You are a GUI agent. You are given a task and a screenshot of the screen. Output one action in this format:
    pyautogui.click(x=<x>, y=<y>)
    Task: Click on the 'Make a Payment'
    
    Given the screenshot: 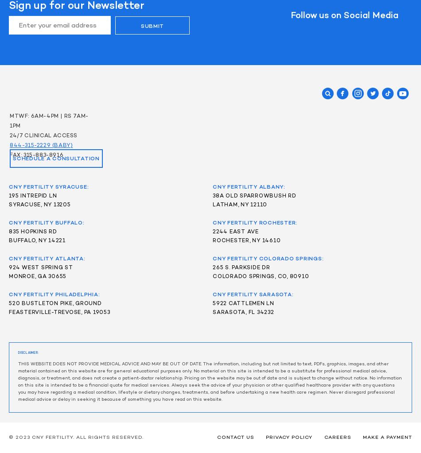 What is the action you would take?
    pyautogui.click(x=386, y=437)
    